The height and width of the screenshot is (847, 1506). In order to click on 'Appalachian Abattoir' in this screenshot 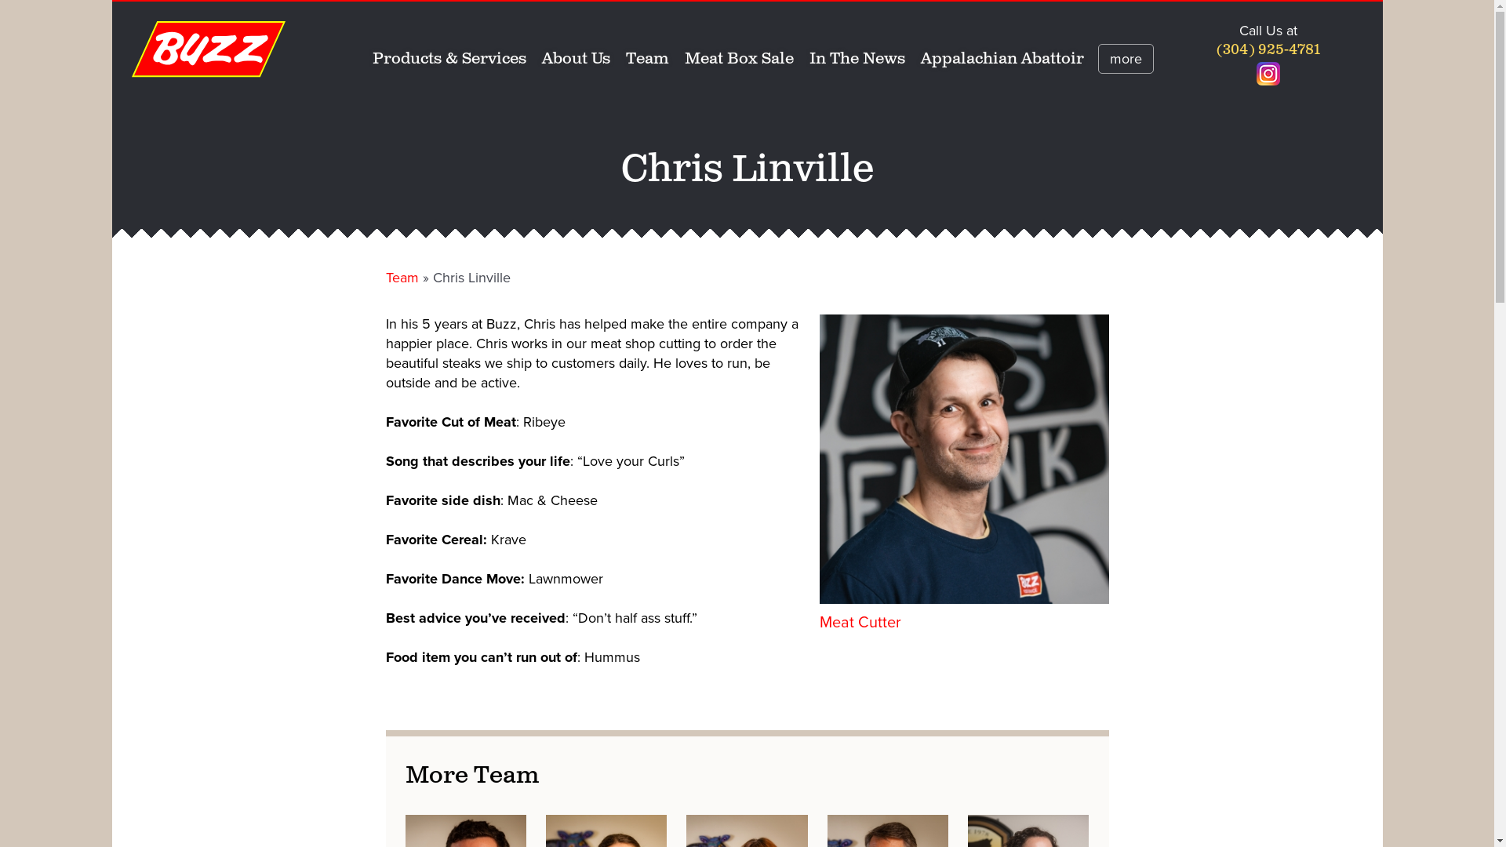, I will do `click(1001, 59)`.